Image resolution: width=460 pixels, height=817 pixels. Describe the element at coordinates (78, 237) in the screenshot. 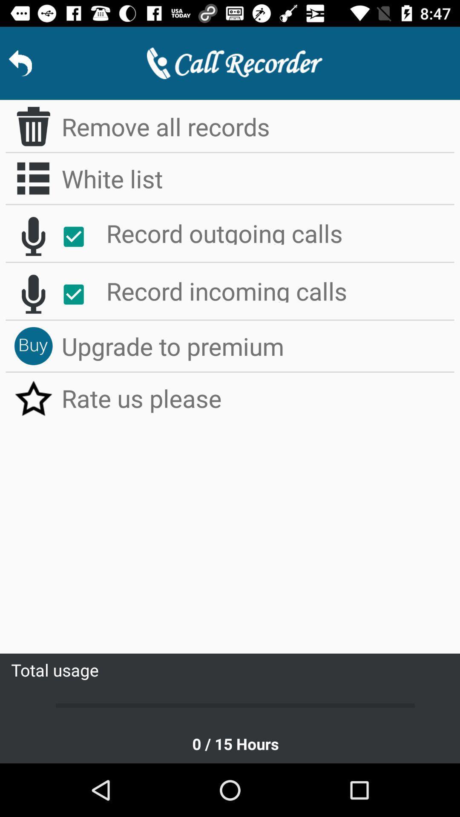

I see `button` at that location.